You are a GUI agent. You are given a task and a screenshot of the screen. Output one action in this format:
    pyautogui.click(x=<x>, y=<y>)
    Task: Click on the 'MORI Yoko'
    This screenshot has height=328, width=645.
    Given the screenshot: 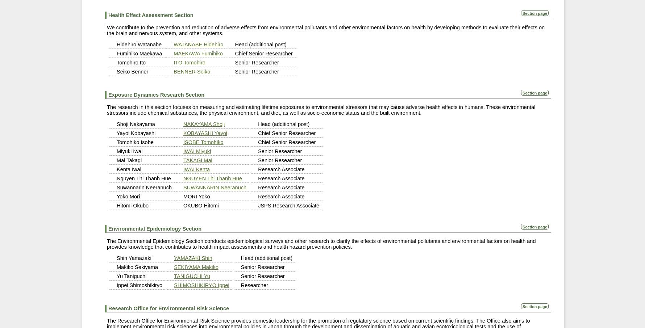 What is the action you would take?
    pyautogui.click(x=196, y=196)
    